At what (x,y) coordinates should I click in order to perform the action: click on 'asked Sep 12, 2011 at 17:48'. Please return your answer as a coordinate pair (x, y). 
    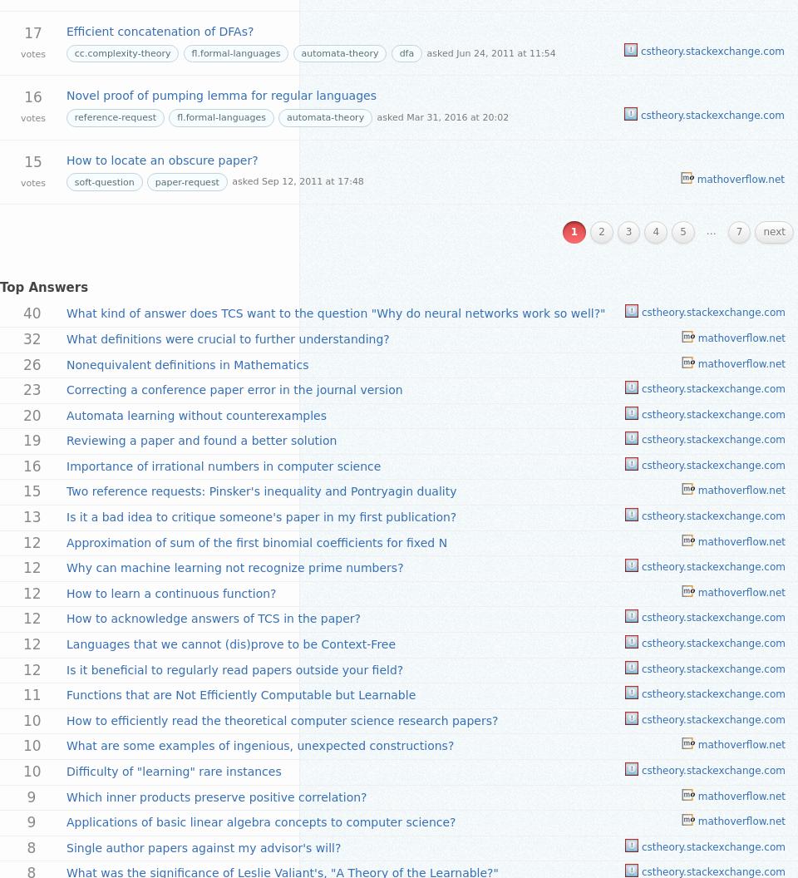
    Looking at the image, I should click on (295, 180).